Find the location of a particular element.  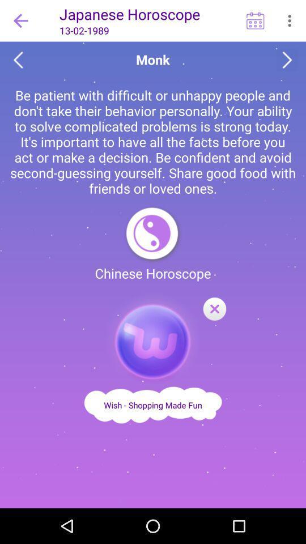

mark is located at coordinates (214, 309).